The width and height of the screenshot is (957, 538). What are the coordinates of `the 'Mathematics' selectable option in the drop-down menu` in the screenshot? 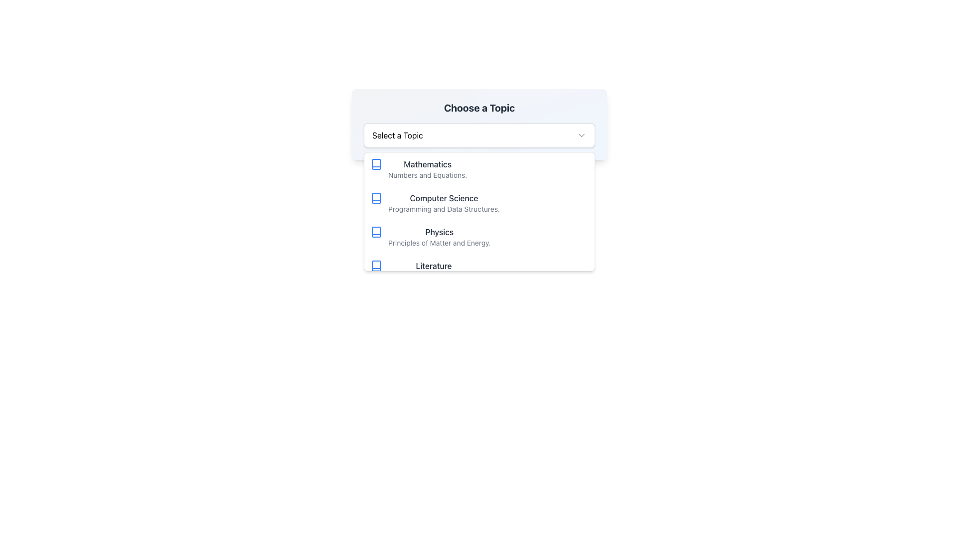 It's located at (428, 168).